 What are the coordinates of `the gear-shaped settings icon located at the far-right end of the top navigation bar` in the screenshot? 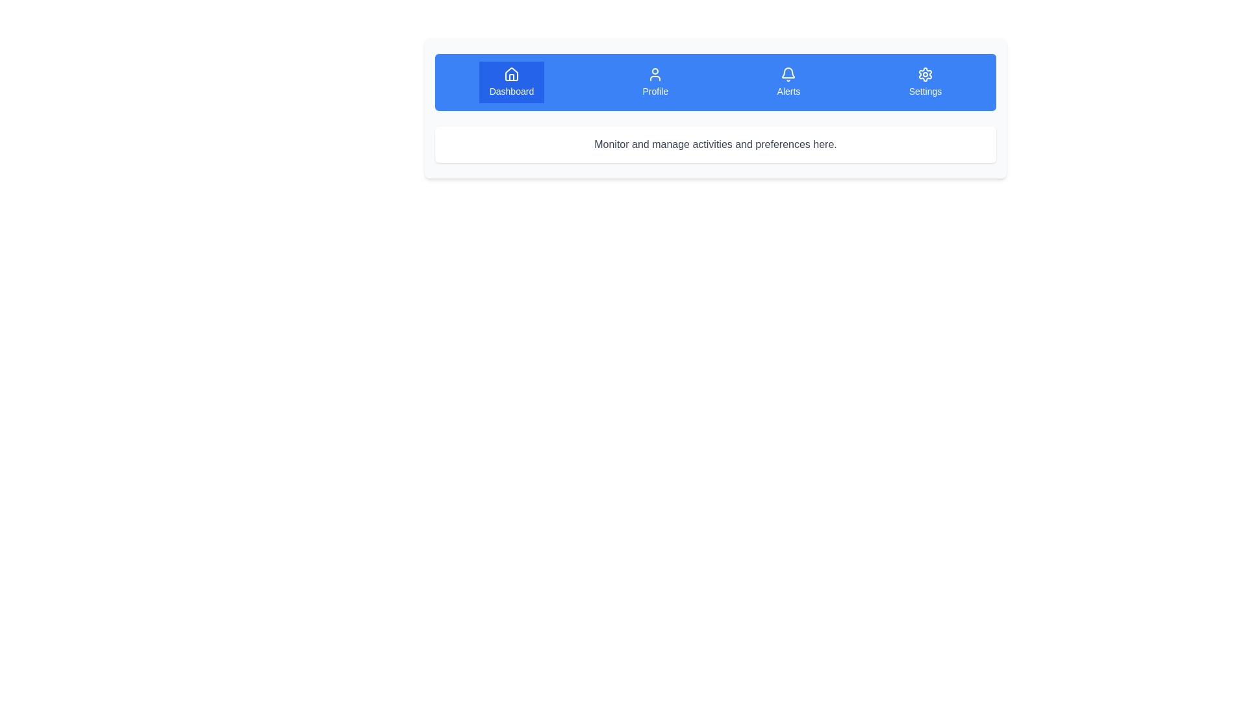 It's located at (925, 75).